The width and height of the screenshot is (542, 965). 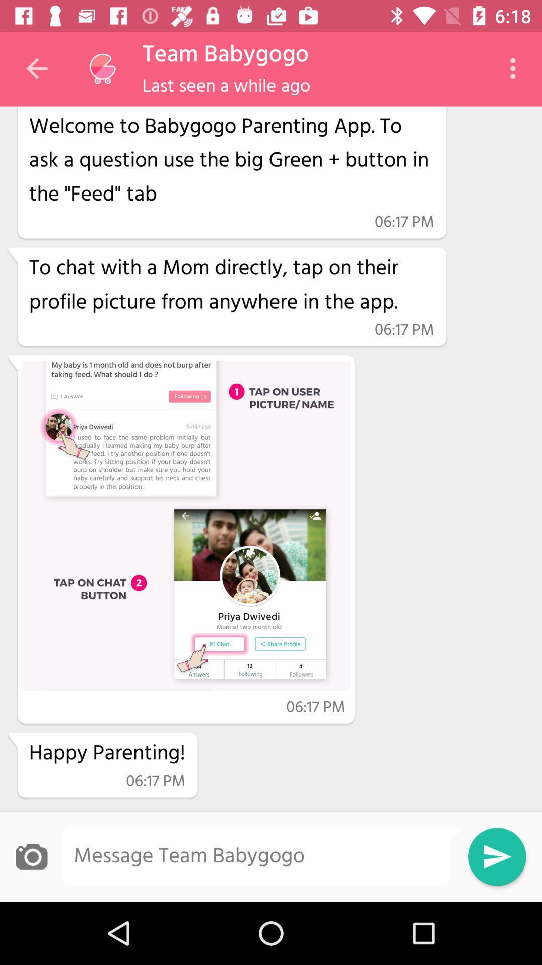 I want to click on an image, so click(x=31, y=856).